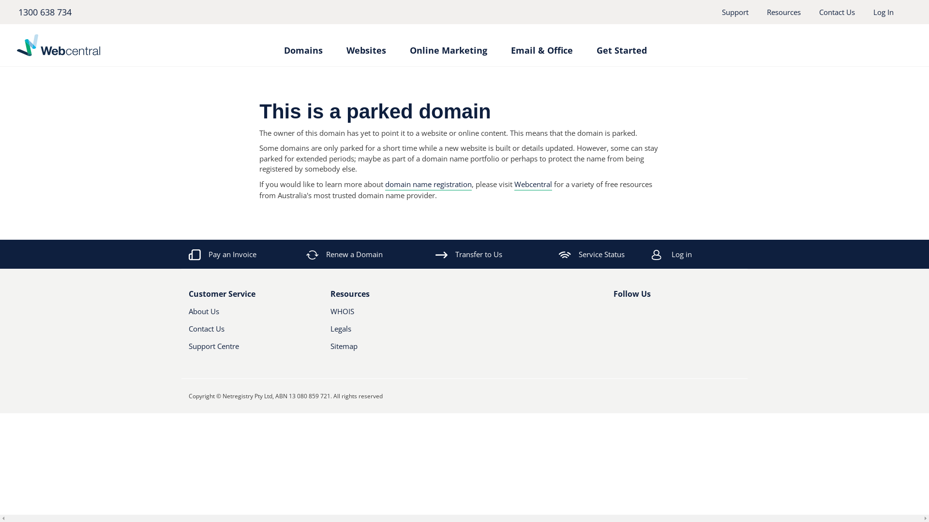  What do you see at coordinates (666, 315) in the screenshot?
I see `'RSS'` at bounding box center [666, 315].